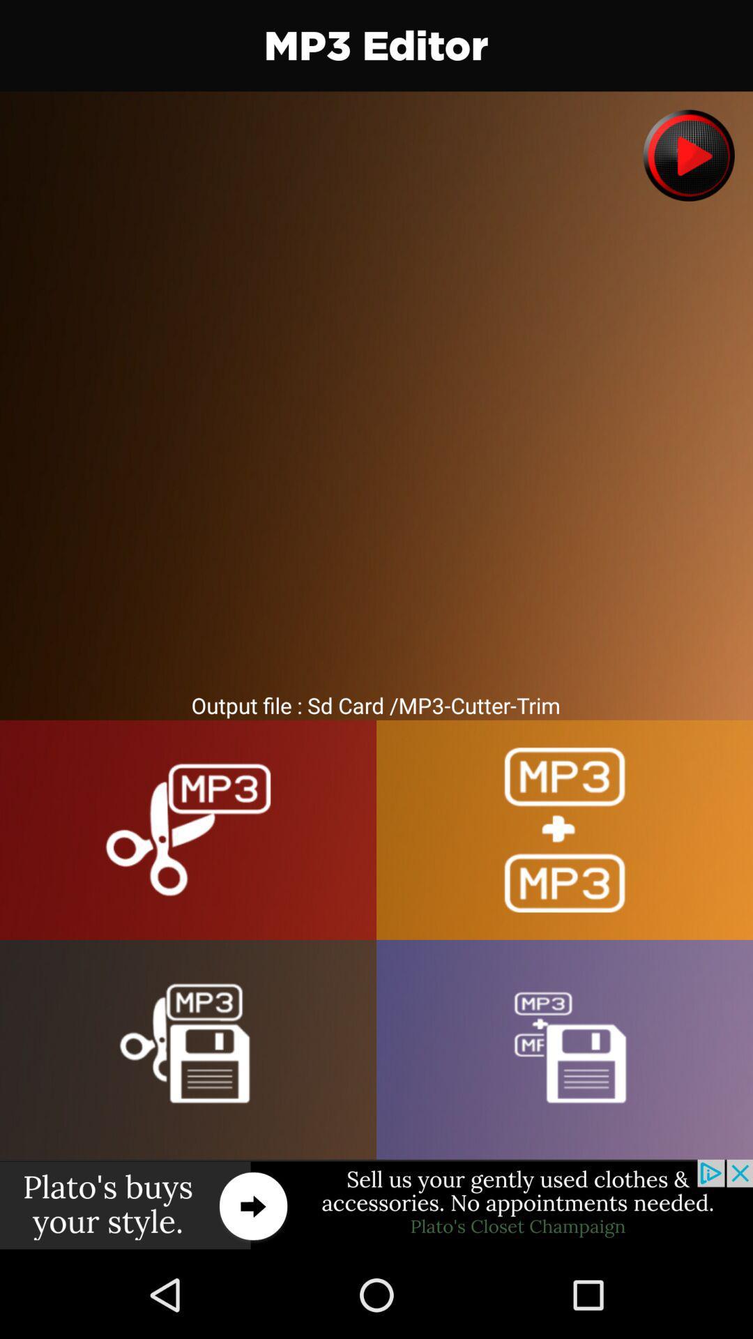  Describe the element at coordinates (688, 156) in the screenshot. I see `song` at that location.